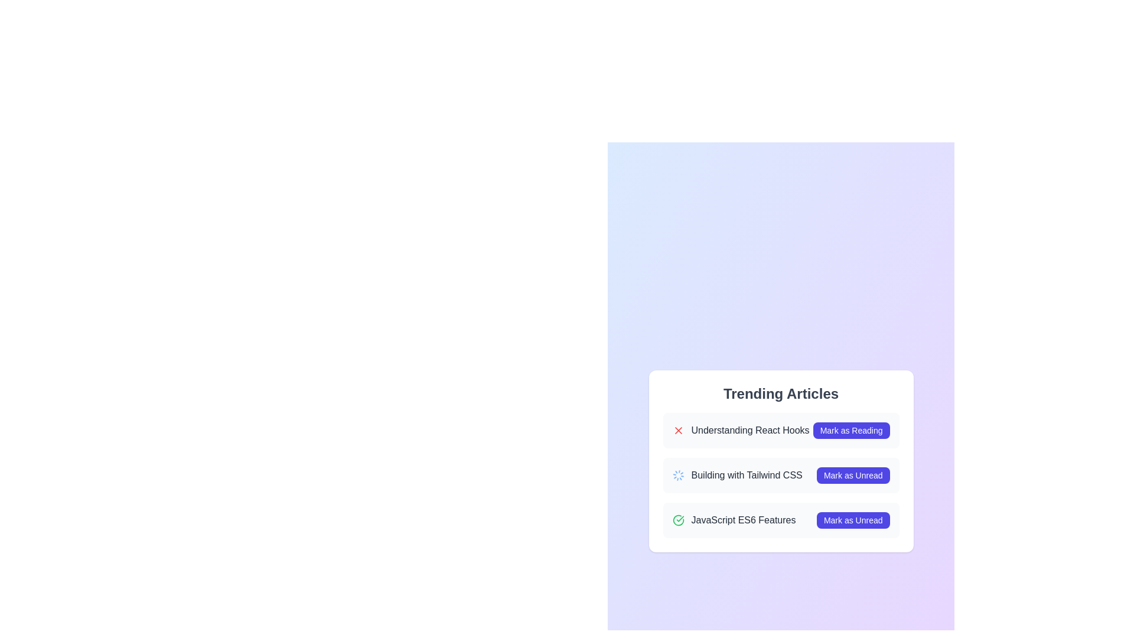 The image size is (1134, 638). I want to click on the static text displaying 'Building with Tailwind CSS', which is the second item under the 'Trending Articles' section, located between 'Understanding React Hooks' and 'JavaScript ES6 Features', so click(746, 475).